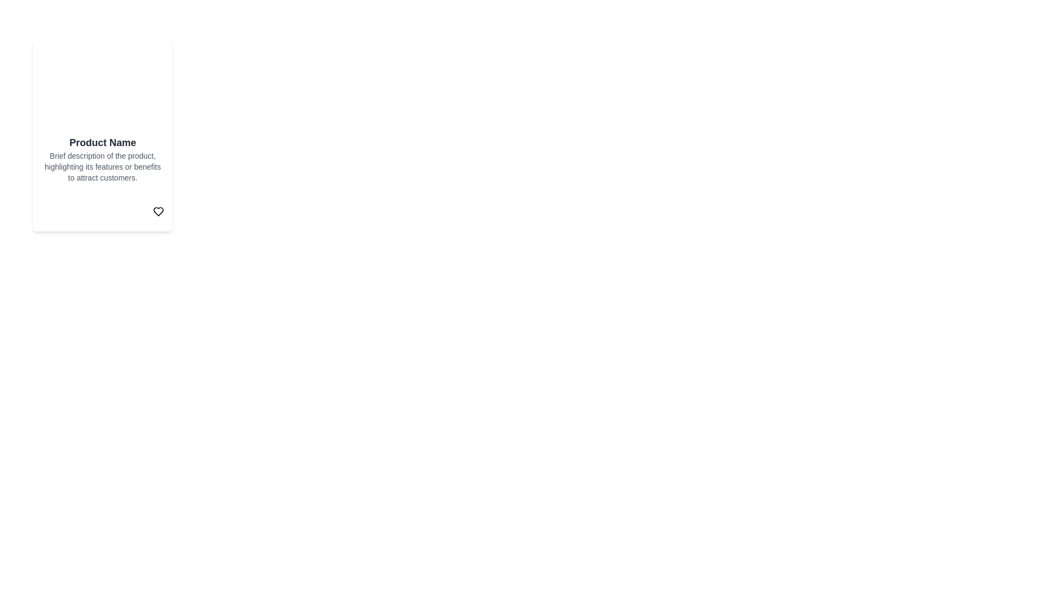  What do you see at coordinates (102, 211) in the screenshot?
I see `the button located at the bottom of the product card` at bounding box center [102, 211].